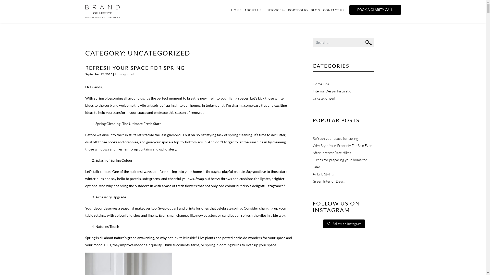 The height and width of the screenshot is (275, 490). What do you see at coordinates (340, 163) in the screenshot?
I see `'10 tips for preparing your home for Sale!'` at bounding box center [340, 163].